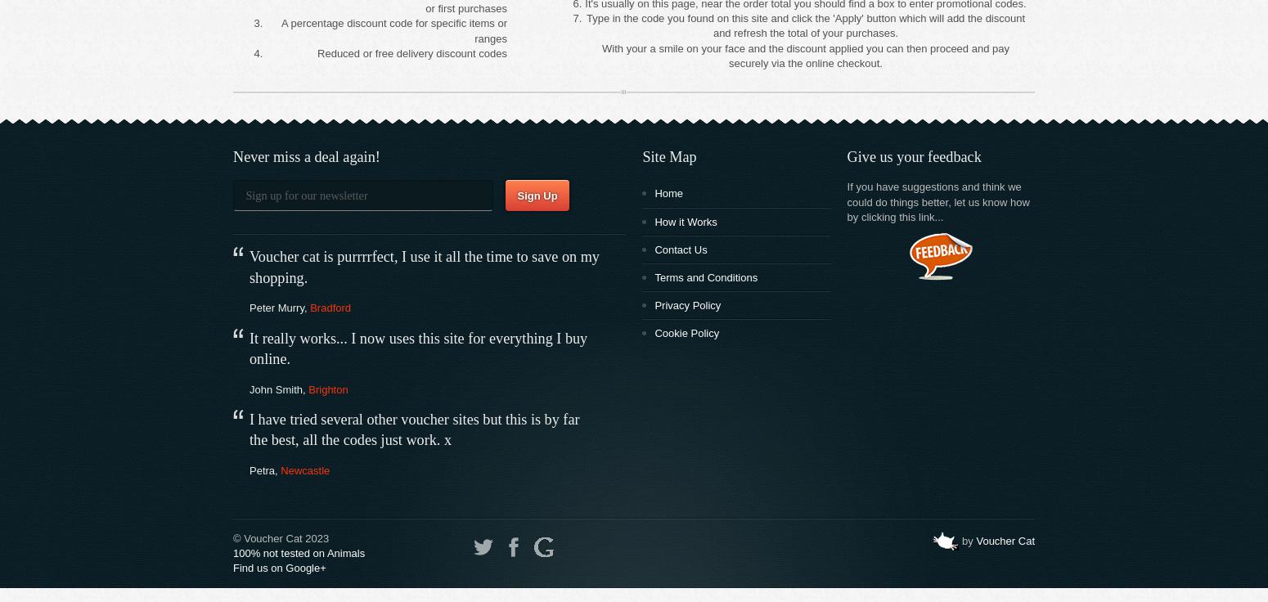 Image resolution: width=1268 pixels, height=602 pixels. What do you see at coordinates (686, 332) in the screenshot?
I see `'Cookie Policy'` at bounding box center [686, 332].